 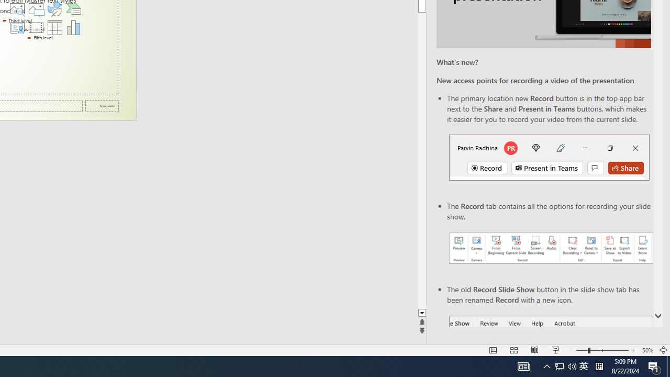 What do you see at coordinates (17, 8) in the screenshot?
I see `'Stock Images'` at bounding box center [17, 8].